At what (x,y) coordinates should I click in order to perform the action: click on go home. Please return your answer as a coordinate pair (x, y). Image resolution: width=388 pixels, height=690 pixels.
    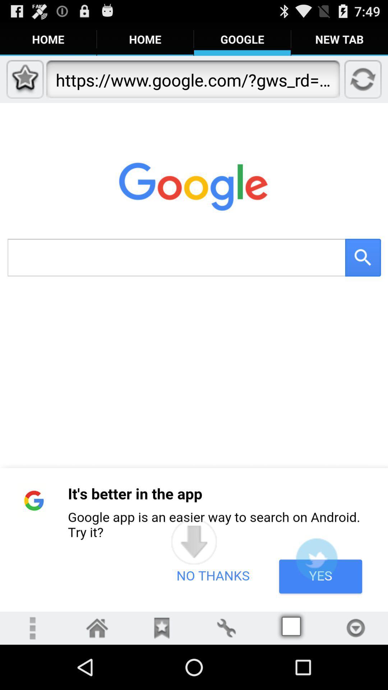
    Looking at the image, I should click on (97, 627).